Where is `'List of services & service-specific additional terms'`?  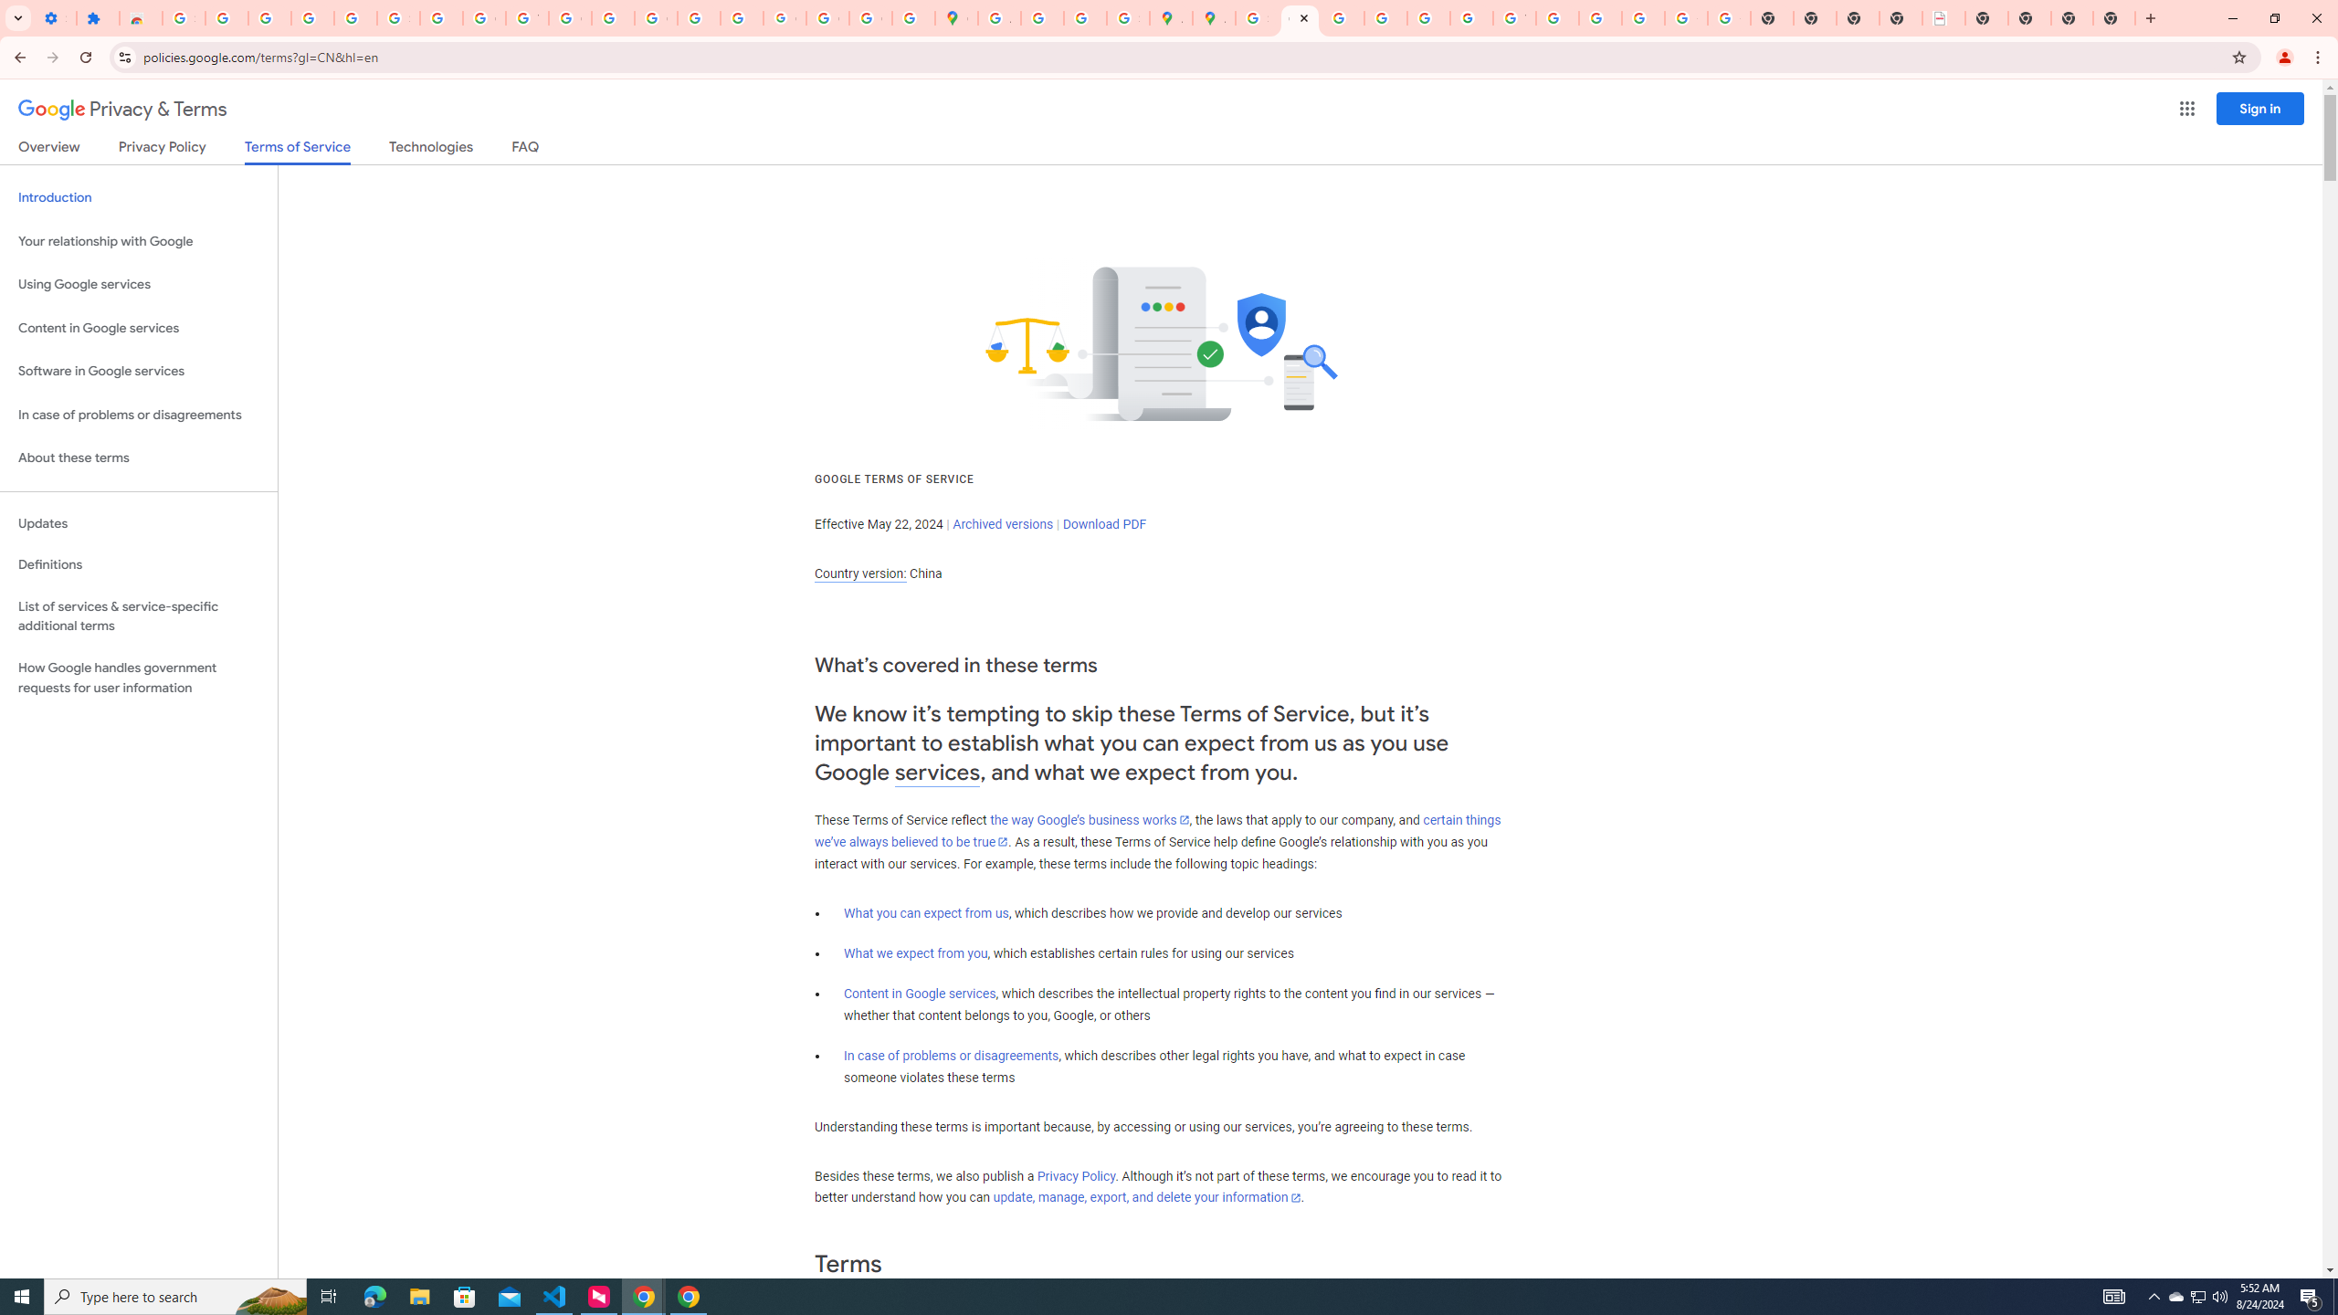
'List of services & service-specific additional terms' is located at coordinates (138, 615).